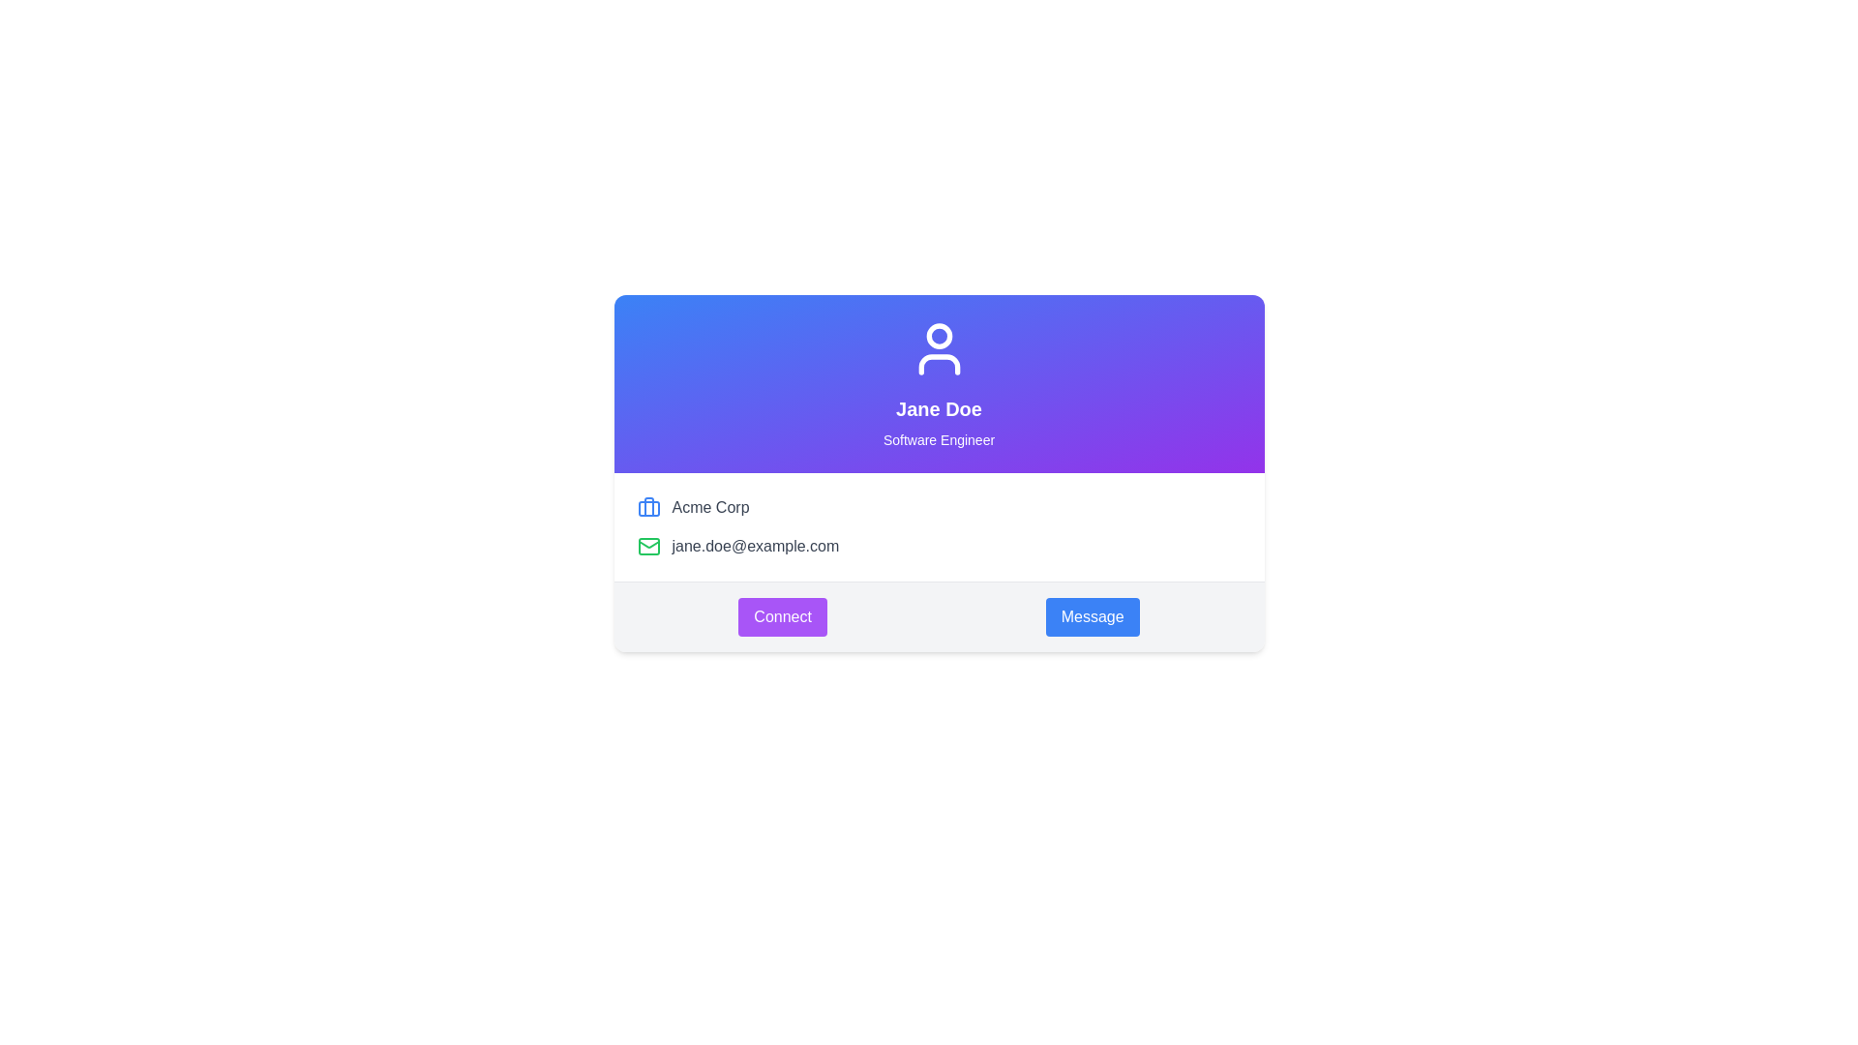 This screenshot has width=1858, height=1045. What do you see at coordinates (939, 365) in the screenshot?
I see `the user icon element located underneath the head portion of the icon in the profile display section` at bounding box center [939, 365].